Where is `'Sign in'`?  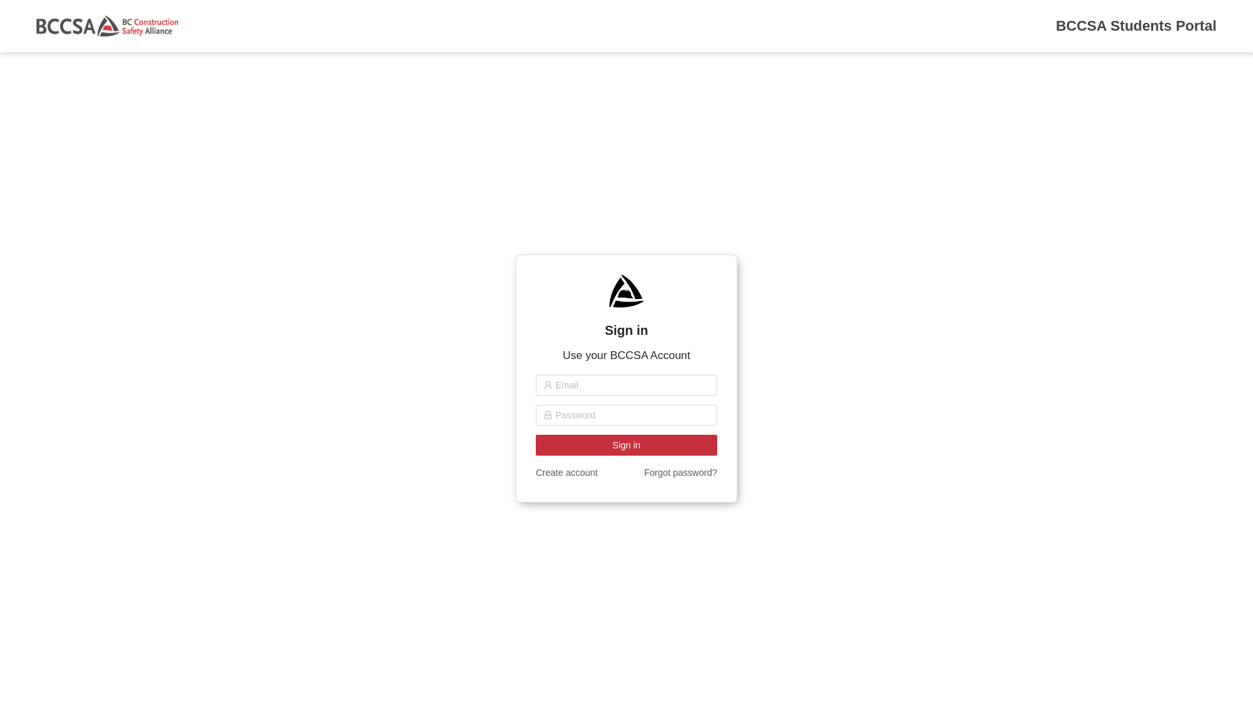 'Sign in' is located at coordinates (626, 445).